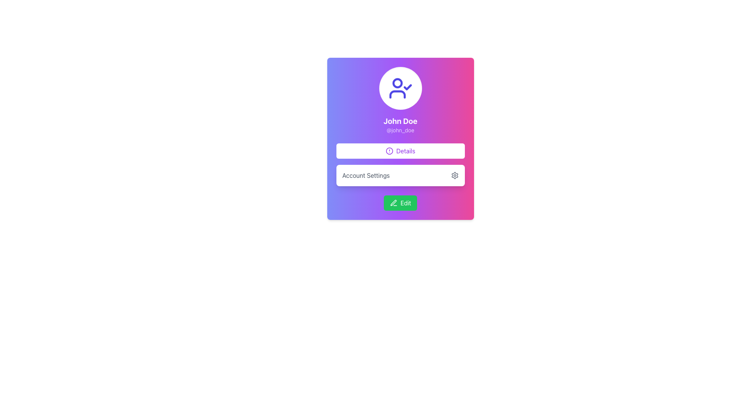 This screenshot has height=413, width=734. What do you see at coordinates (455, 176) in the screenshot?
I see `the account settings icon` at bounding box center [455, 176].